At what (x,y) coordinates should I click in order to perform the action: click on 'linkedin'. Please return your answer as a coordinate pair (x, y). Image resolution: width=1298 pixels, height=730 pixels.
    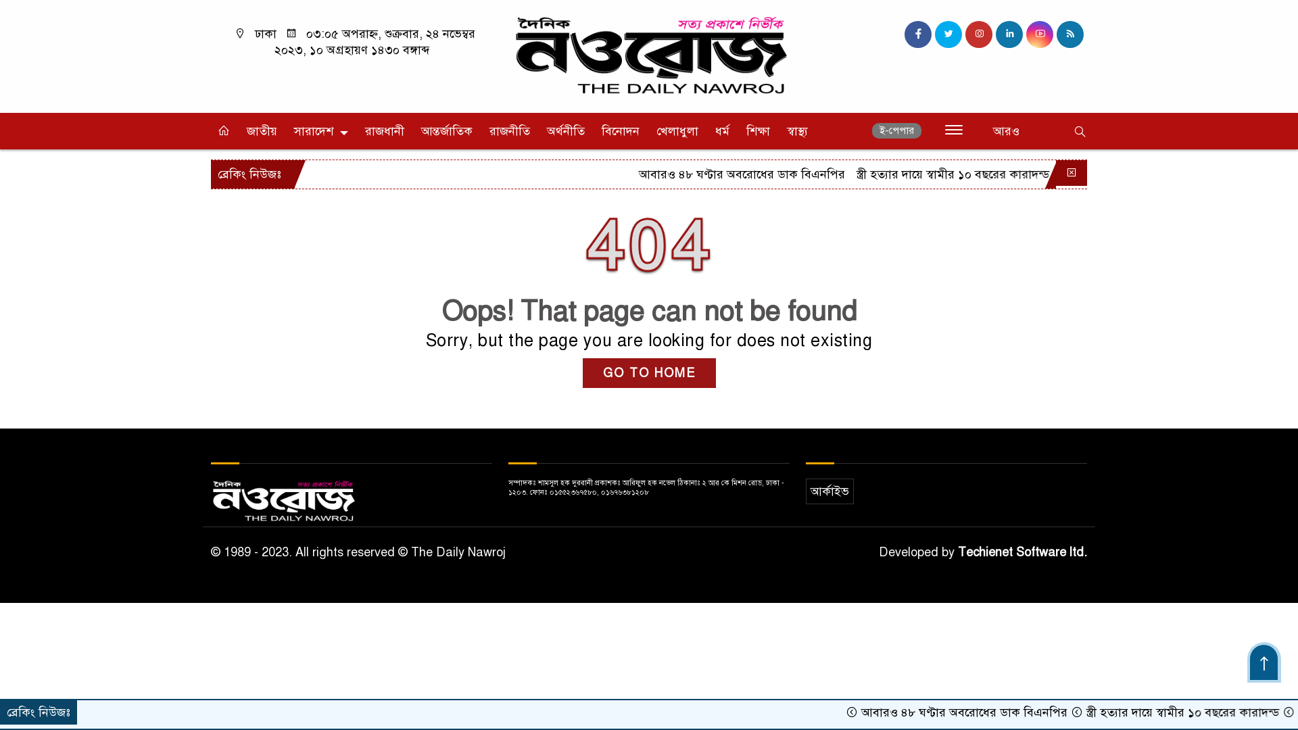
    Looking at the image, I should click on (1009, 33).